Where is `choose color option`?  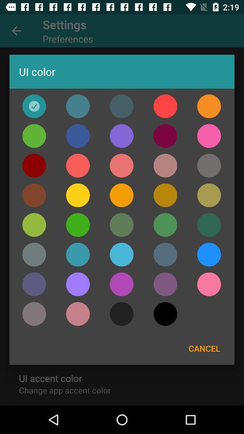 choose color option is located at coordinates (209, 106).